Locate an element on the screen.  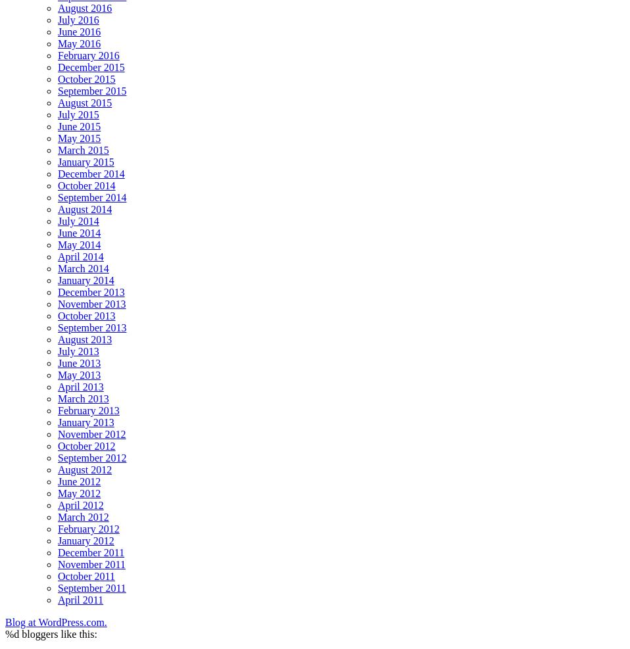
'May 2012' is located at coordinates (79, 493).